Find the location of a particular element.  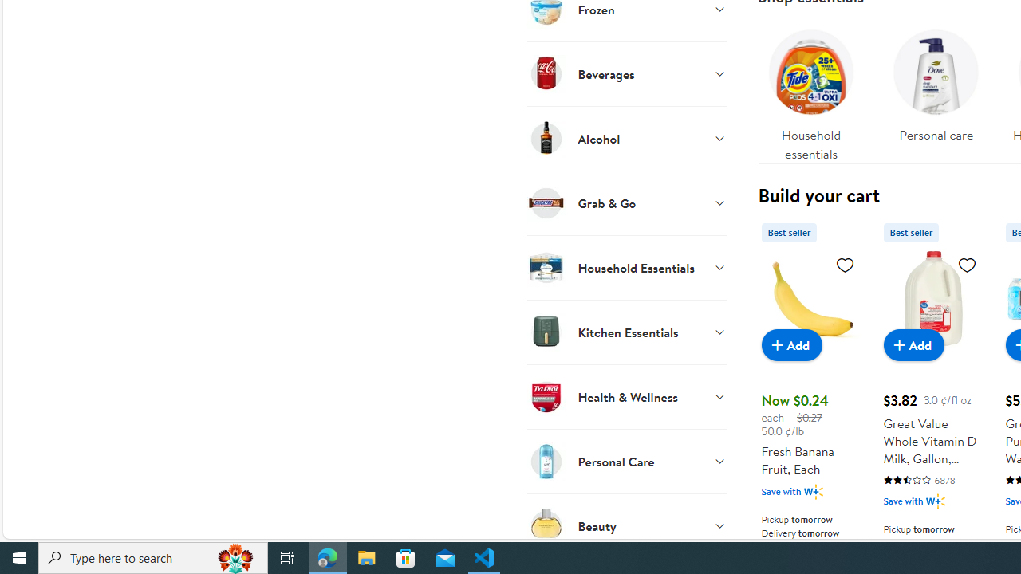

'Sign in to add to Favorites list, Fresh Banana Fruit, Each' is located at coordinates (844, 263).